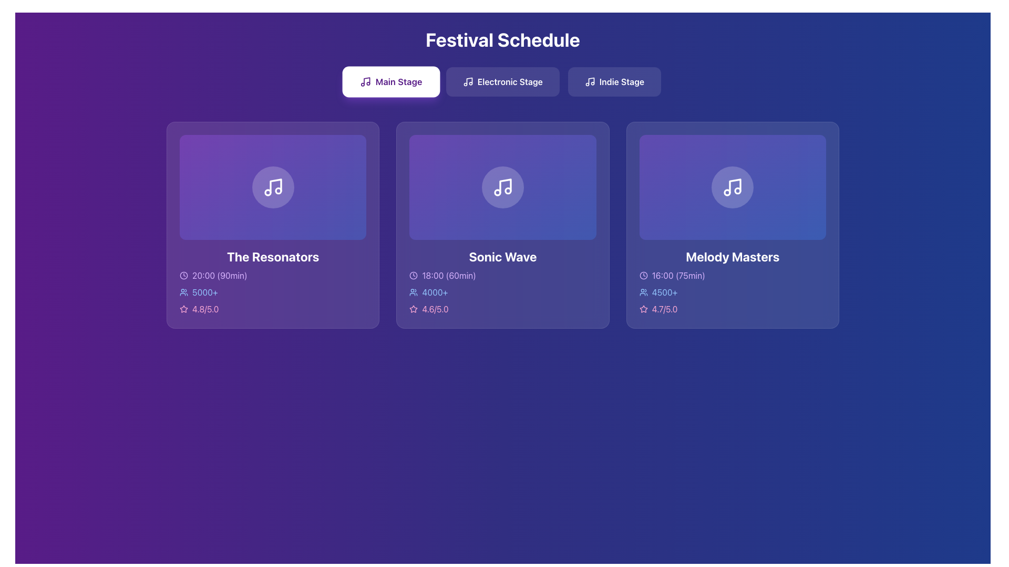 The image size is (1009, 567). What do you see at coordinates (413, 308) in the screenshot?
I see `the star rating icon next to the score '4.6/5.0' within the 'Sonic Wave' card` at bounding box center [413, 308].